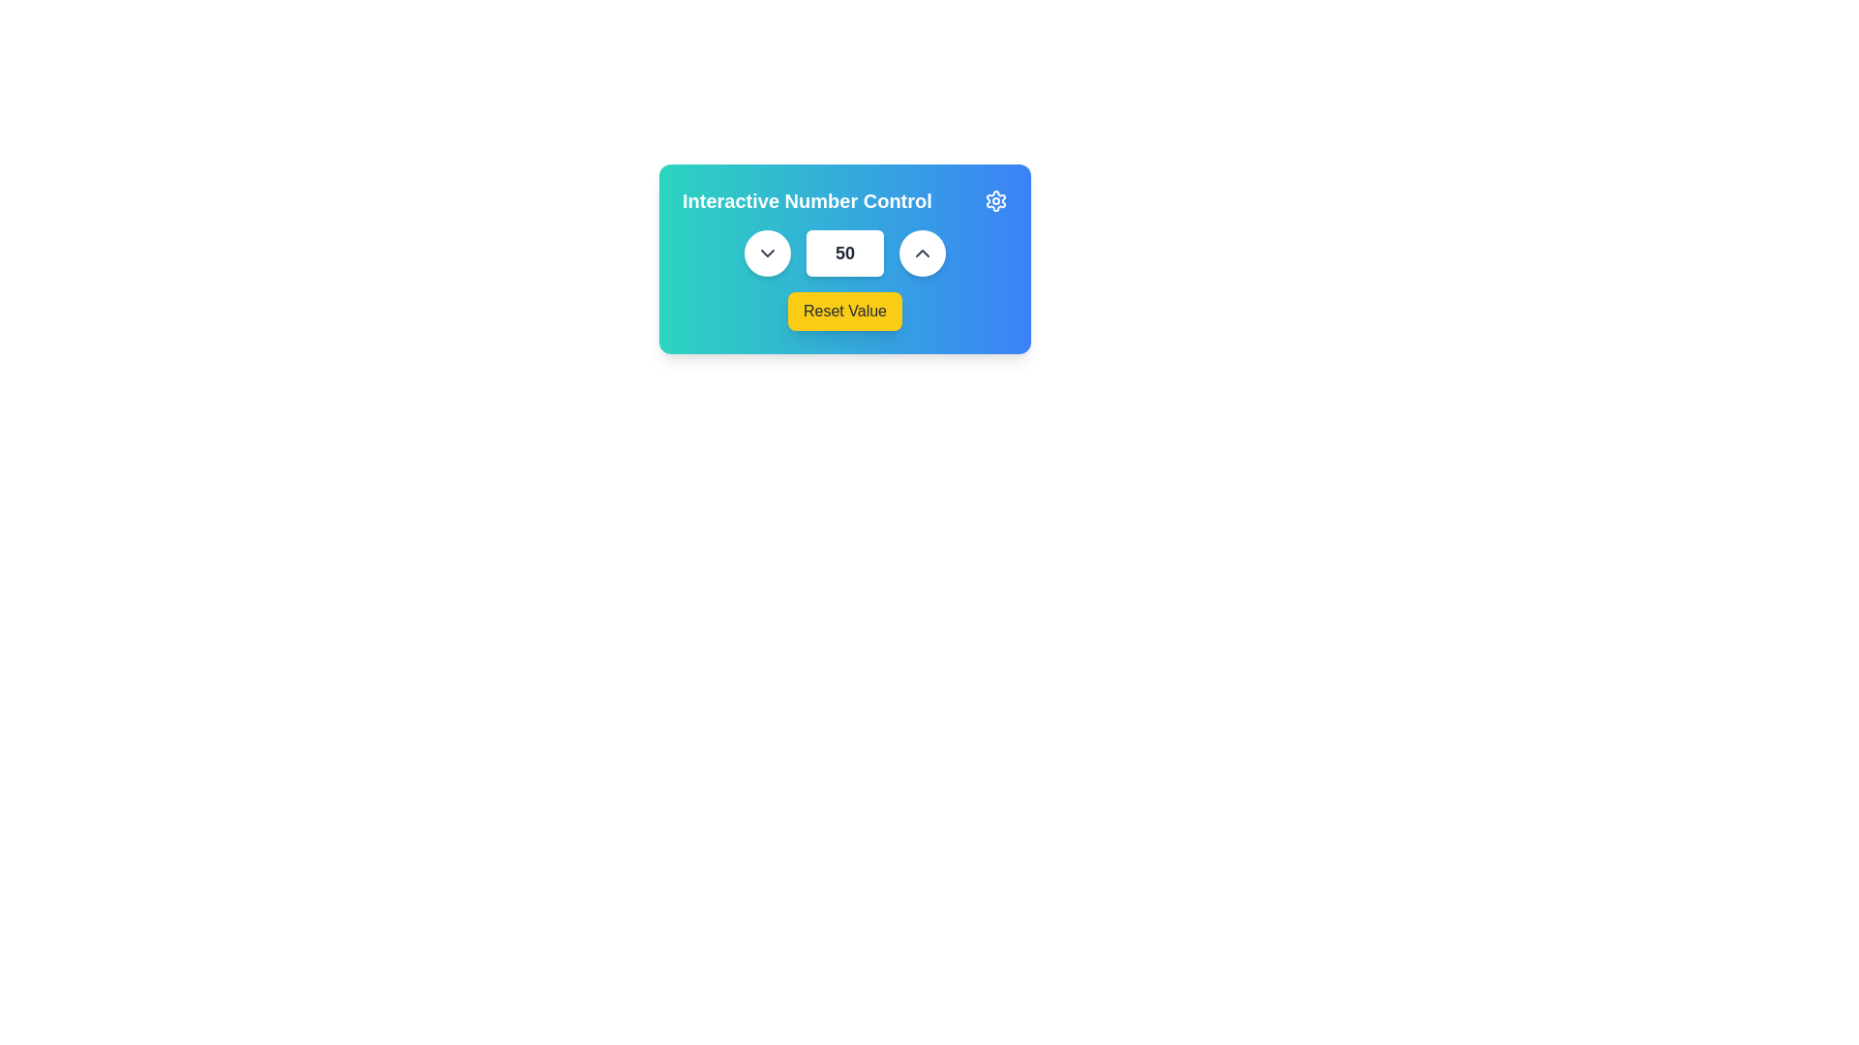  Describe the element at coordinates (922, 253) in the screenshot. I see `the circular button with a white background and a black chevron-up icon located to the right of a text field displaying '50' to increase the number` at that location.